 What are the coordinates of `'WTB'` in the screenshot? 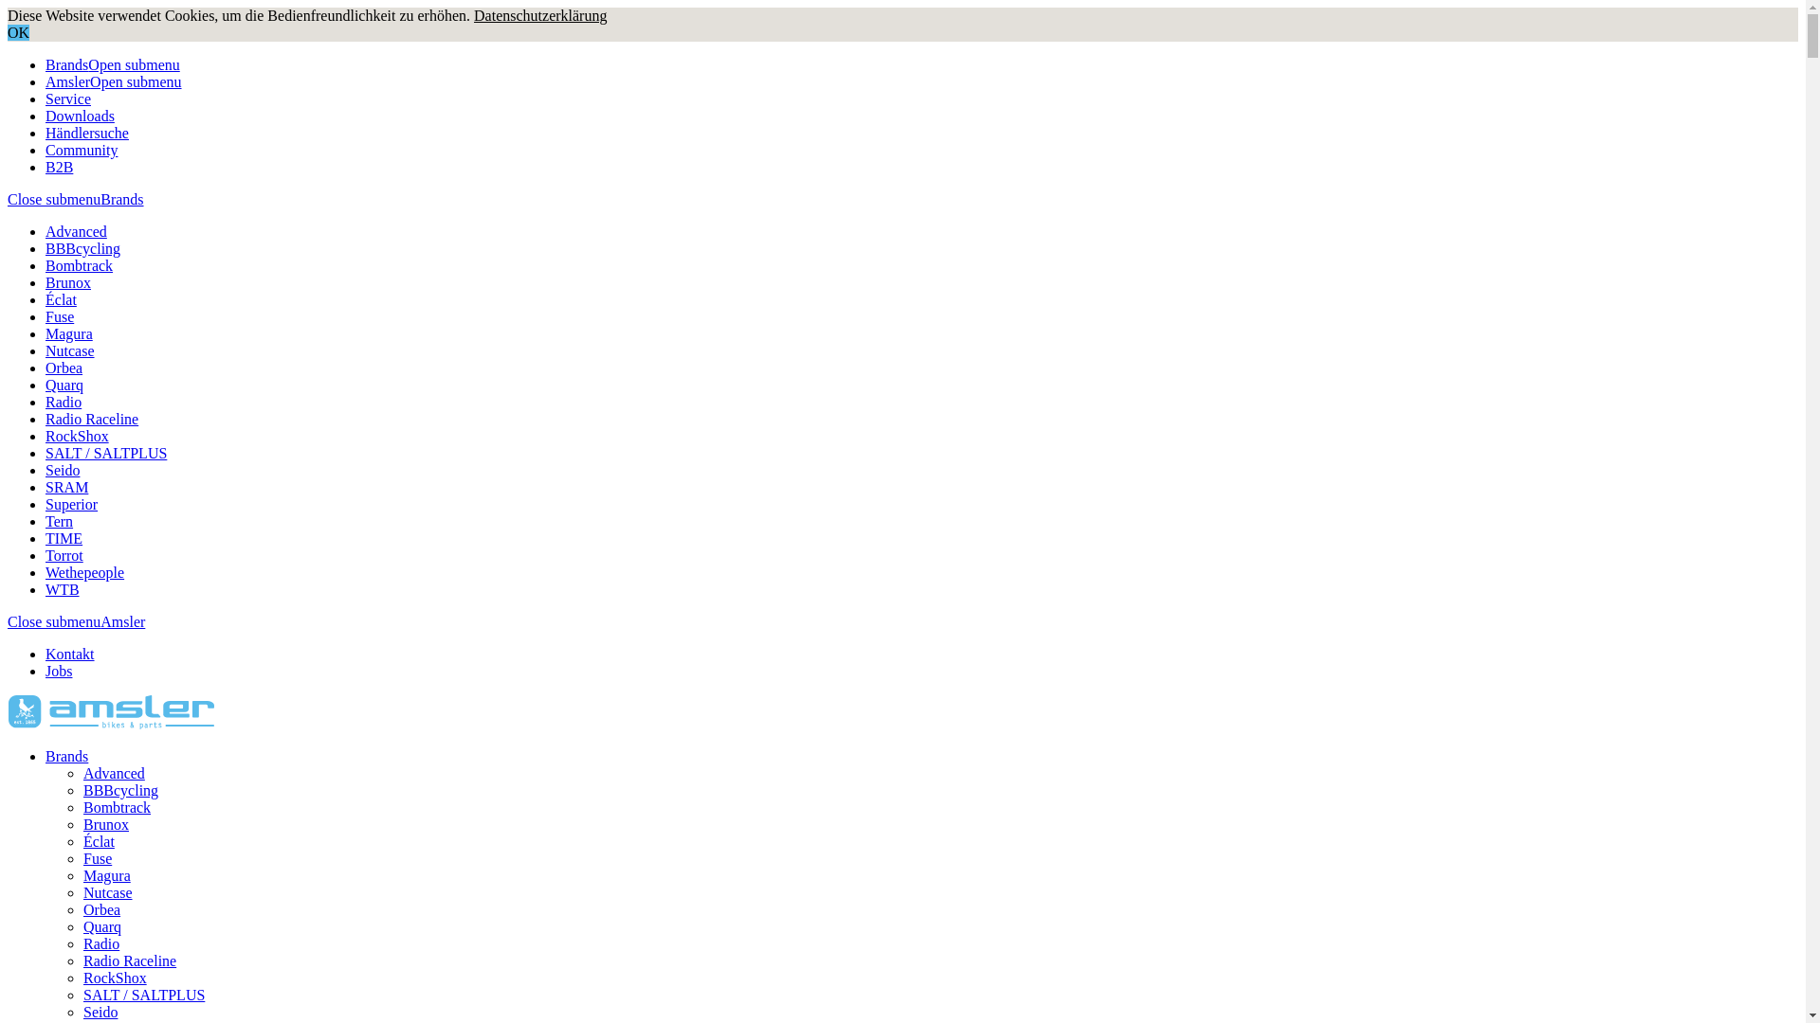 It's located at (63, 588).